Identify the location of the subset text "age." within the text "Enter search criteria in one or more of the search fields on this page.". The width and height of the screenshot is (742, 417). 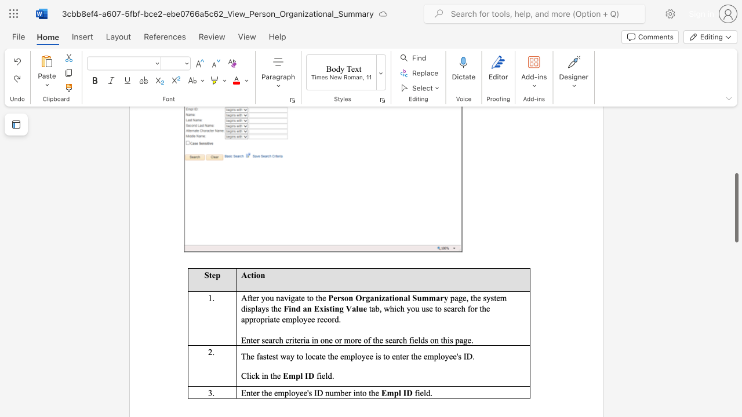
(459, 339).